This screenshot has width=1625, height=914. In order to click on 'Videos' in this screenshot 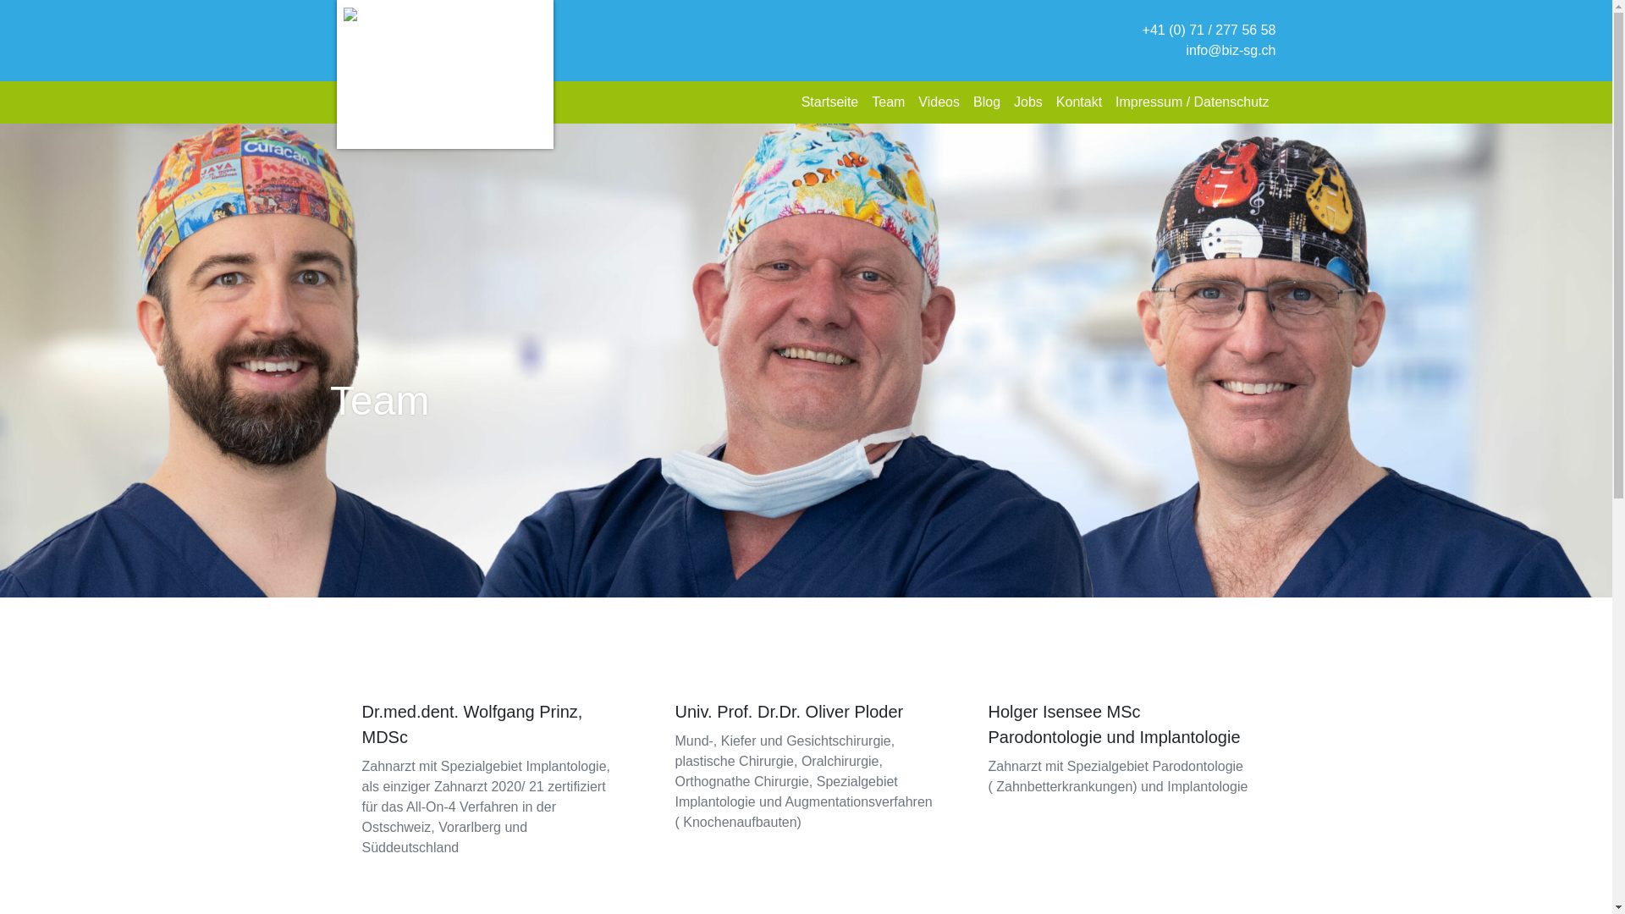, I will do `click(938, 102)`.